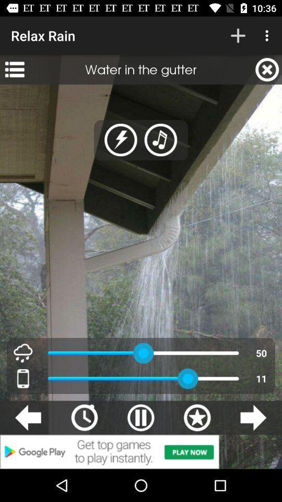 The image size is (282, 502). I want to click on the arrow_backward icon, so click(28, 417).